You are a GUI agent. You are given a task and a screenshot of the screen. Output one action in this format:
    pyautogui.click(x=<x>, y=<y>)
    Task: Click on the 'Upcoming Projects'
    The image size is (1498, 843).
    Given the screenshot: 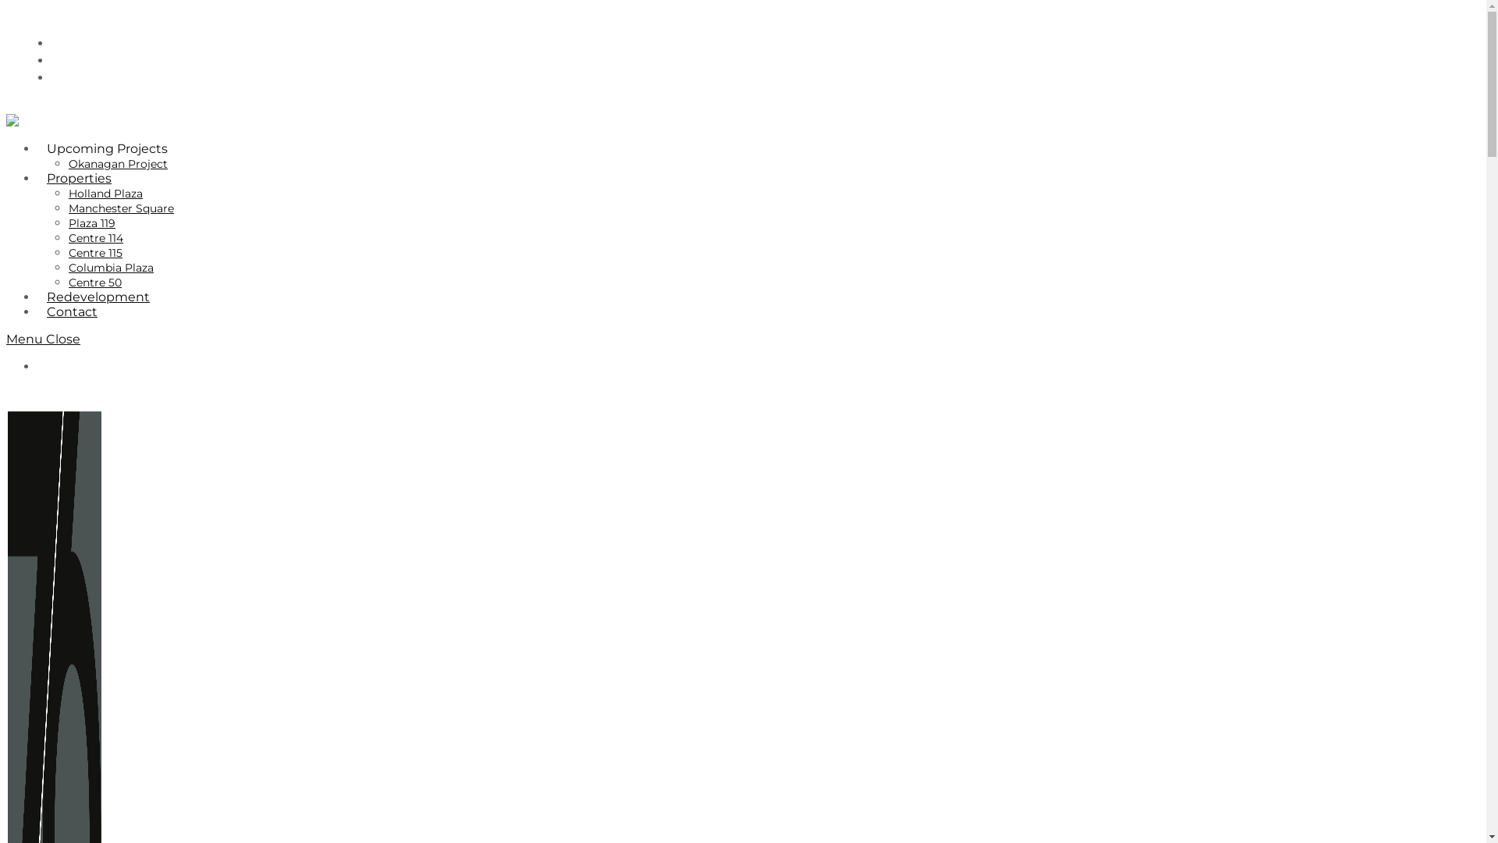 What is the action you would take?
    pyautogui.click(x=106, y=148)
    